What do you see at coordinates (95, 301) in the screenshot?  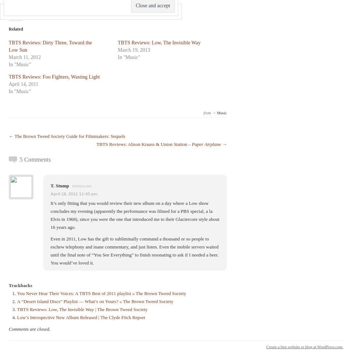 I see `'A “Desert Island Discs” Playlist — What’s on Yours? « The Brown Tweed Society'` at bounding box center [95, 301].